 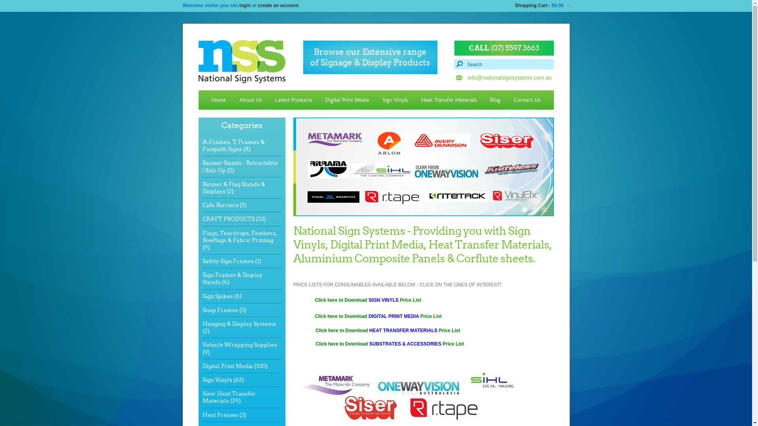 I want to click on '$0.00', so click(x=560, y=6).